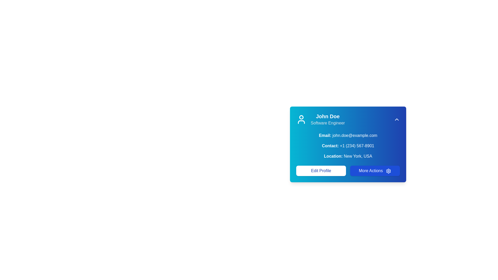 This screenshot has height=280, width=498. Describe the element at coordinates (301, 117) in the screenshot. I see `the SVG circle element representing the user profile icon, located at the top-left corner of the user information card` at that location.